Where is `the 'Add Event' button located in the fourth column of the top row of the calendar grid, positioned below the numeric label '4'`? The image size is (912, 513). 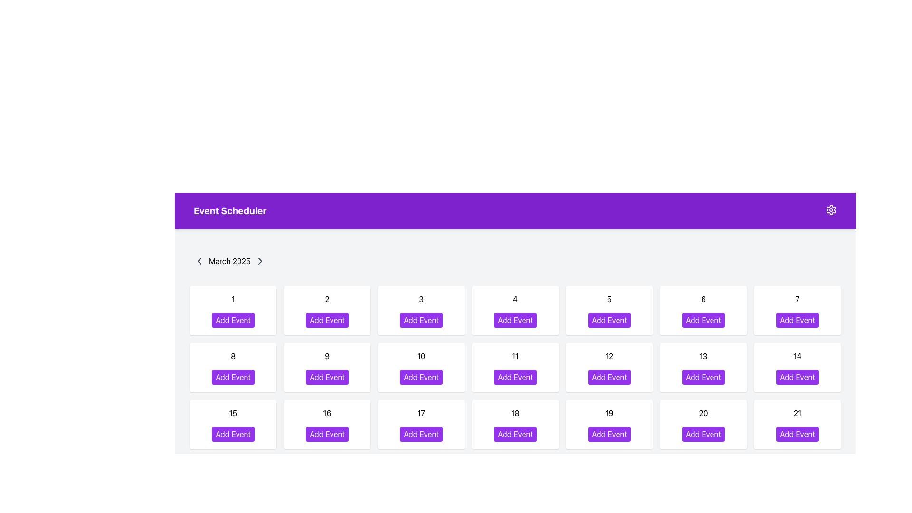 the 'Add Event' button located in the fourth column of the top row of the calendar grid, positioned below the numeric label '4' is located at coordinates (514, 320).